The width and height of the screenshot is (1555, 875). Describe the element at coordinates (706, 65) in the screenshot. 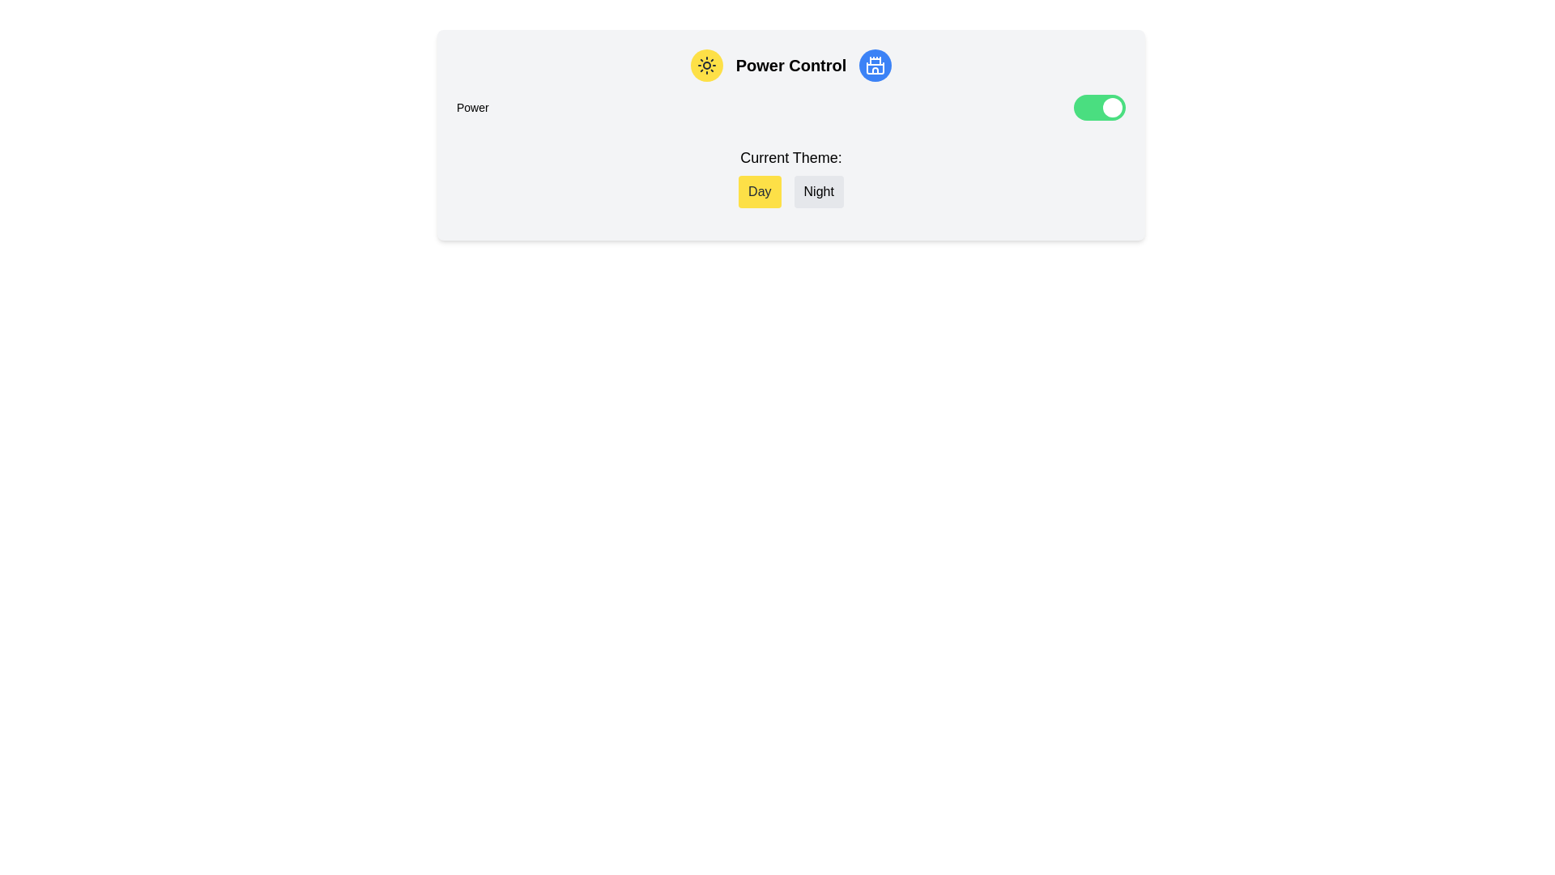

I see `the circular button with a yellow background and sun icon` at that location.